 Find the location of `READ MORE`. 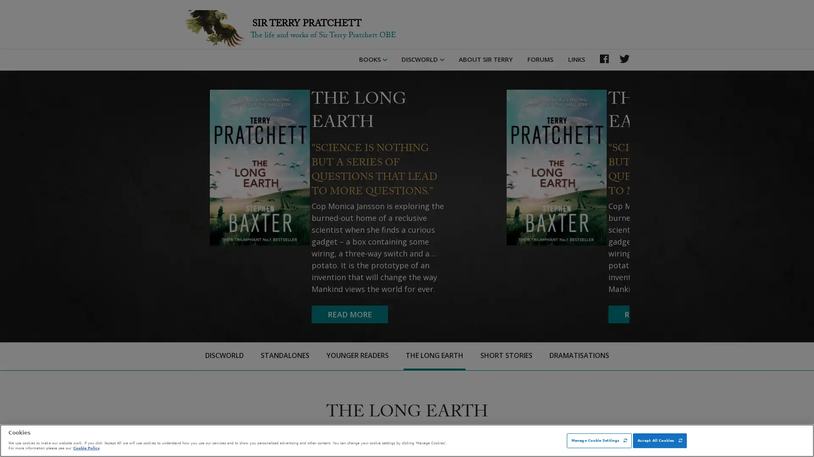

READ MORE is located at coordinates (413, 256).